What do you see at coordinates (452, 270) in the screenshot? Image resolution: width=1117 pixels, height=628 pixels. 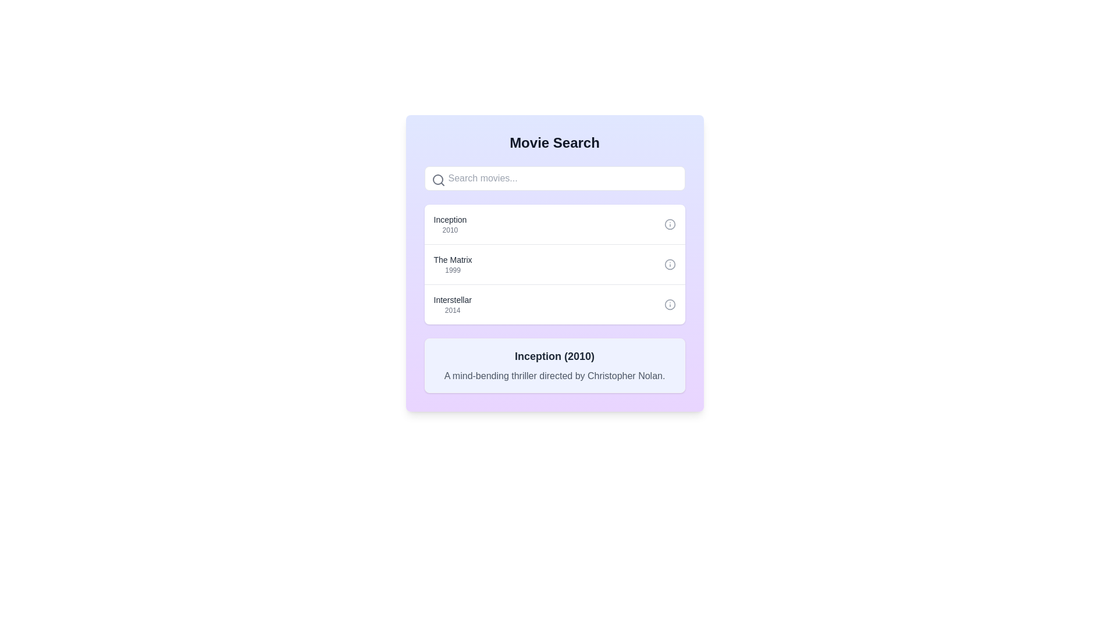 I see `the small, gray-text numerical label displaying '1999' located under the title 'The Matrix' in the second card of the movie list` at bounding box center [452, 270].